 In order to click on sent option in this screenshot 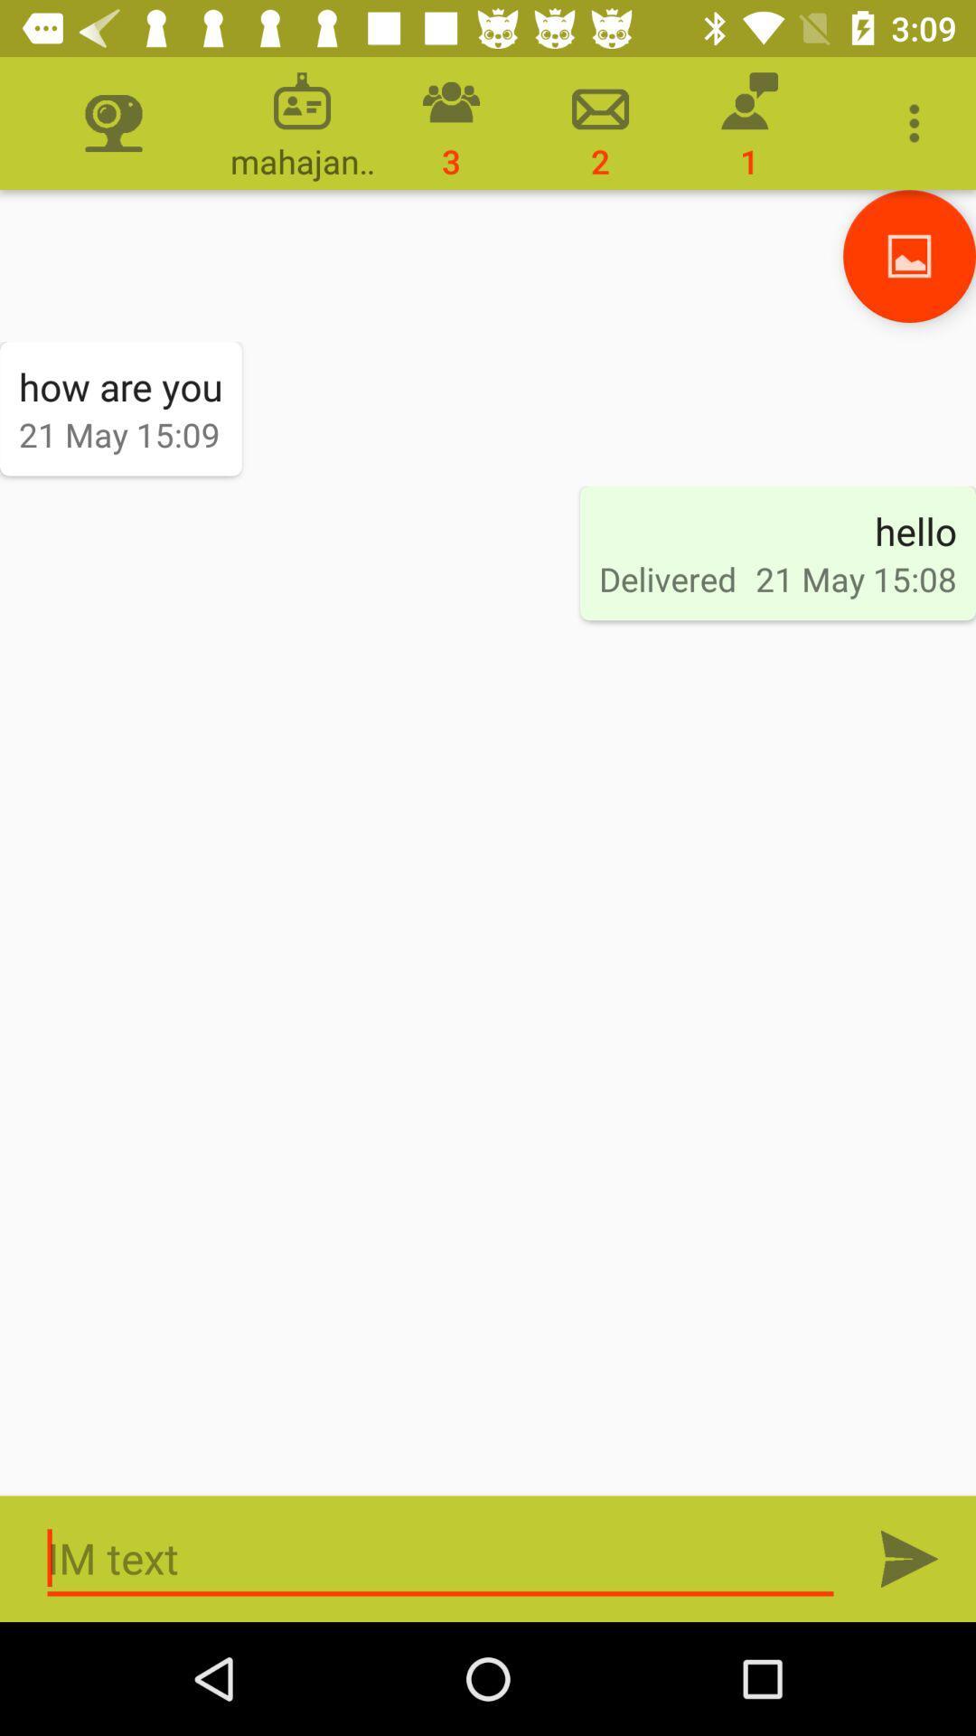, I will do `click(909, 1558)`.